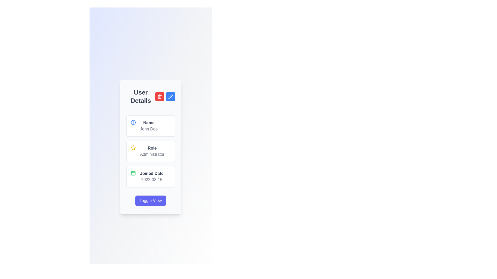  Describe the element at coordinates (170, 96) in the screenshot. I see `the edit icon within the blue button located to the far right of the 'User Details' card header section` at that location.